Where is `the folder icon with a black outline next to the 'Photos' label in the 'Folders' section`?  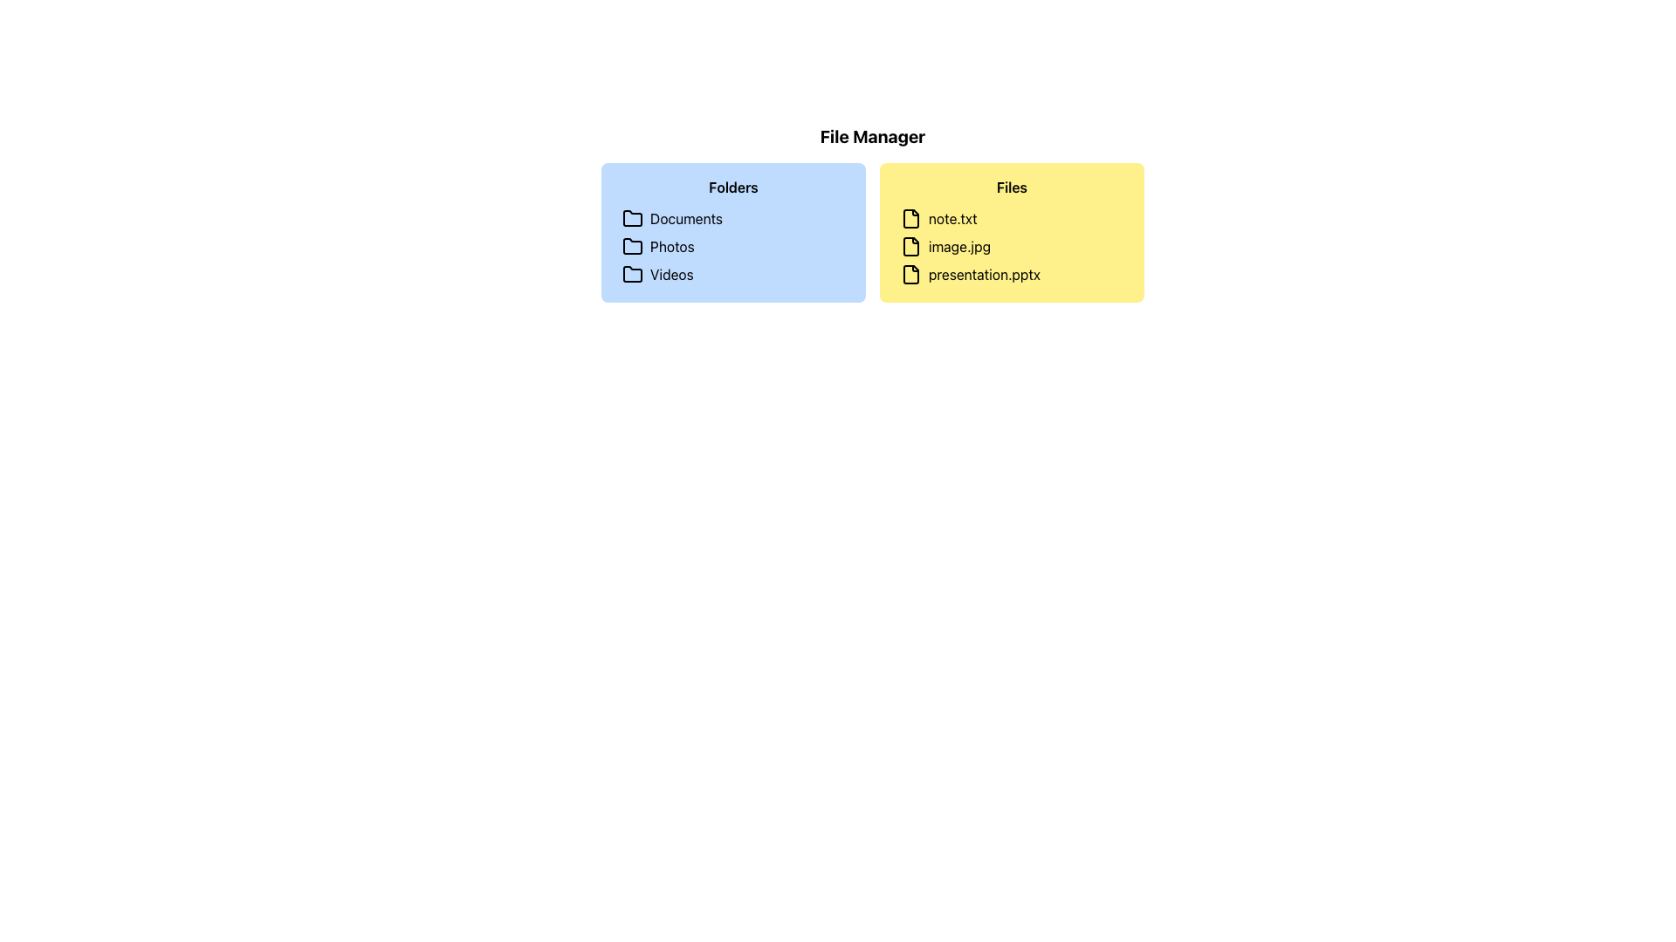
the folder icon with a black outline next to the 'Photos' label in the 'Folders' section is located at coordinates (631, 246).